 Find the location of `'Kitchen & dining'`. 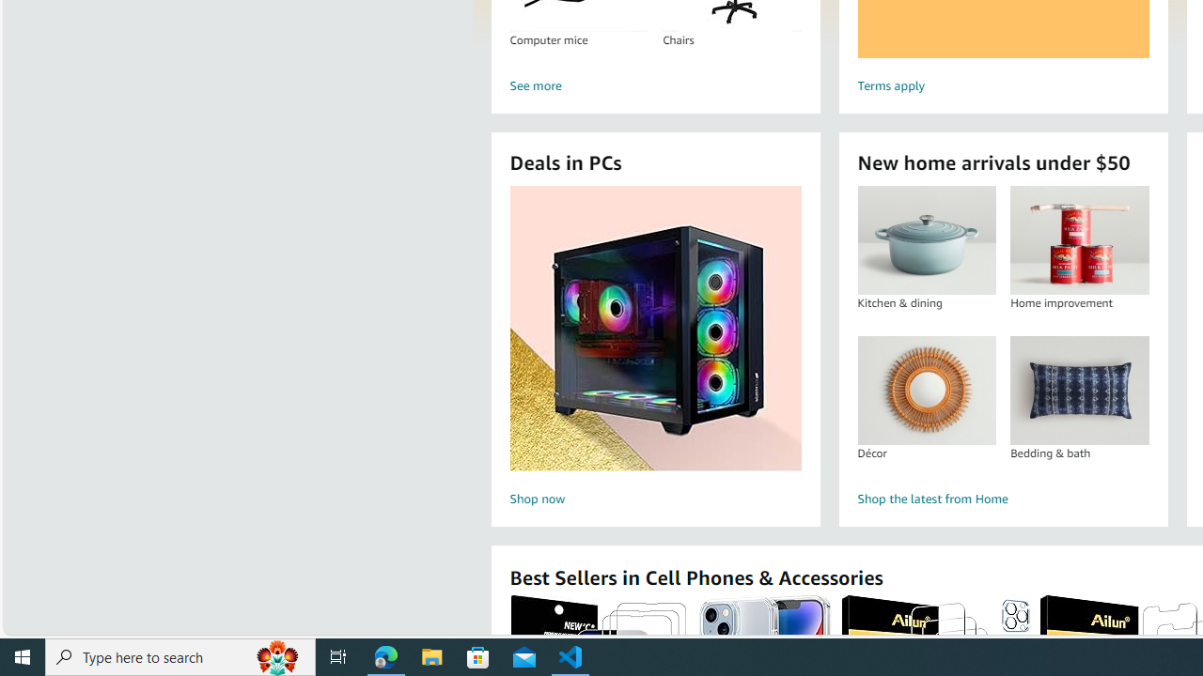

'Kitchen & dining' is located at coordinates (927, 239).